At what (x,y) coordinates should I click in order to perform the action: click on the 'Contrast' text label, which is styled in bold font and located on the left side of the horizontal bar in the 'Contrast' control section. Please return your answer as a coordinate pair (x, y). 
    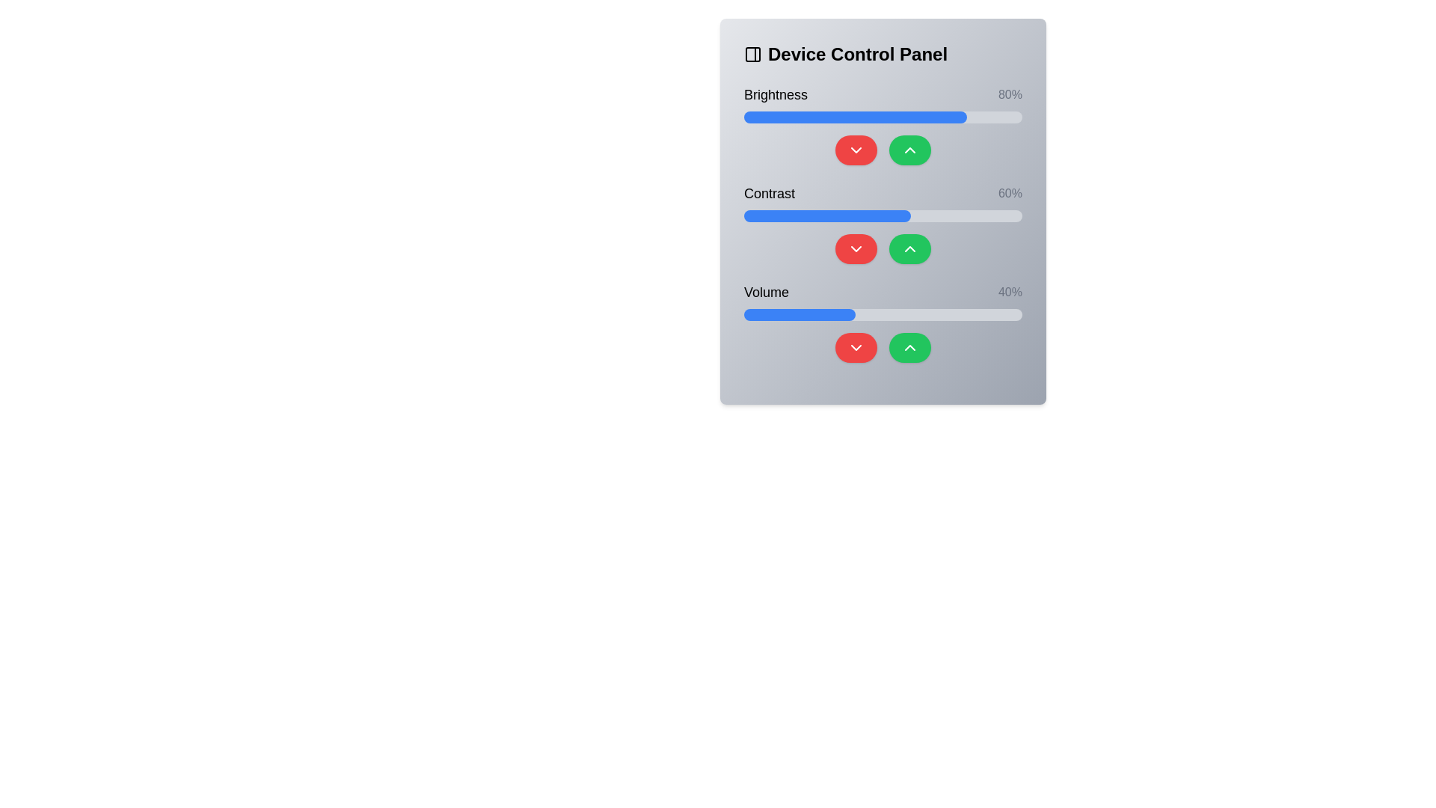
    Looking at the image, I should click on (769, 192).